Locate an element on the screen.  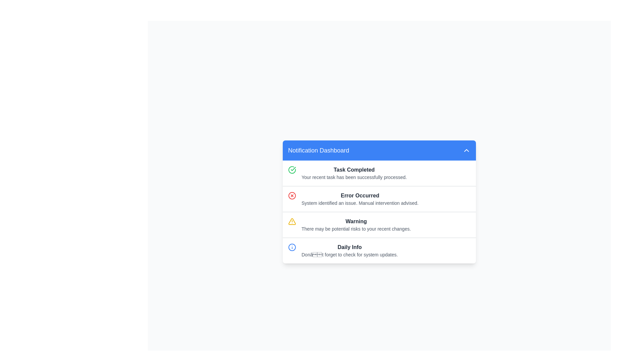
the third notification card in the vertically stacked list of alerts, which serves as a warning notification for potential risks related to recent changes is located at coordinates (379, 225).